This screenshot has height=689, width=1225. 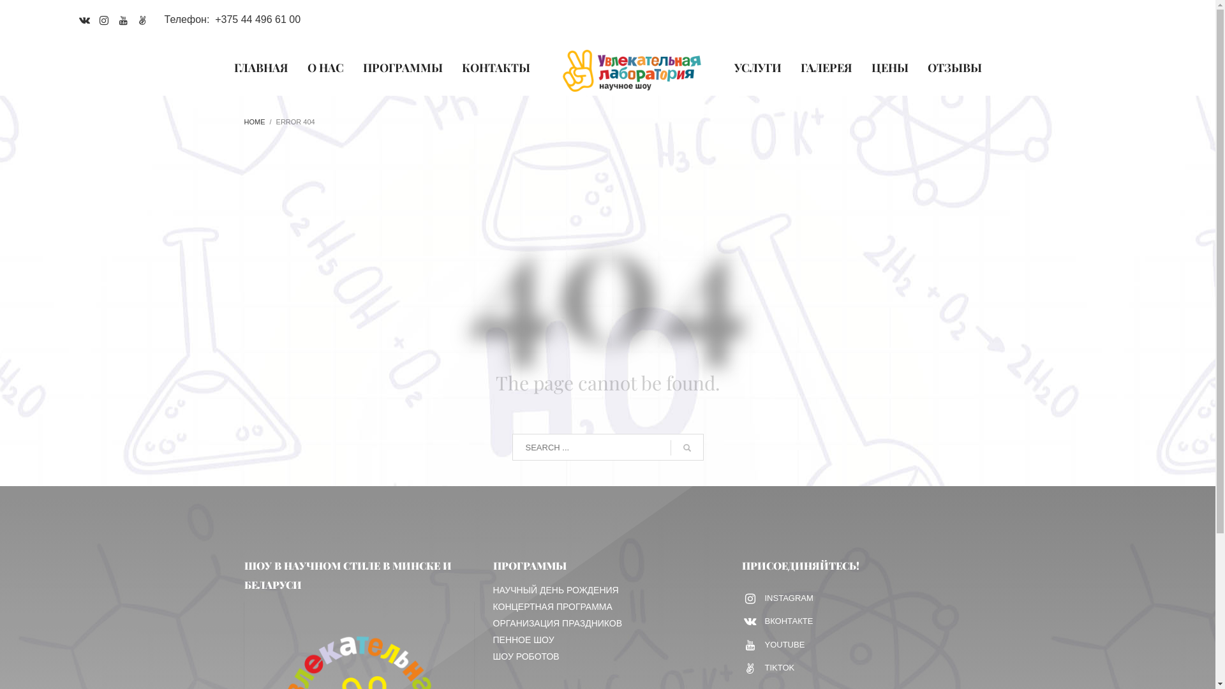 What do you see at coordinates (744, 644) in the screenshot?
I see `'YOUTUBE'` at bounding box center [744, 644].